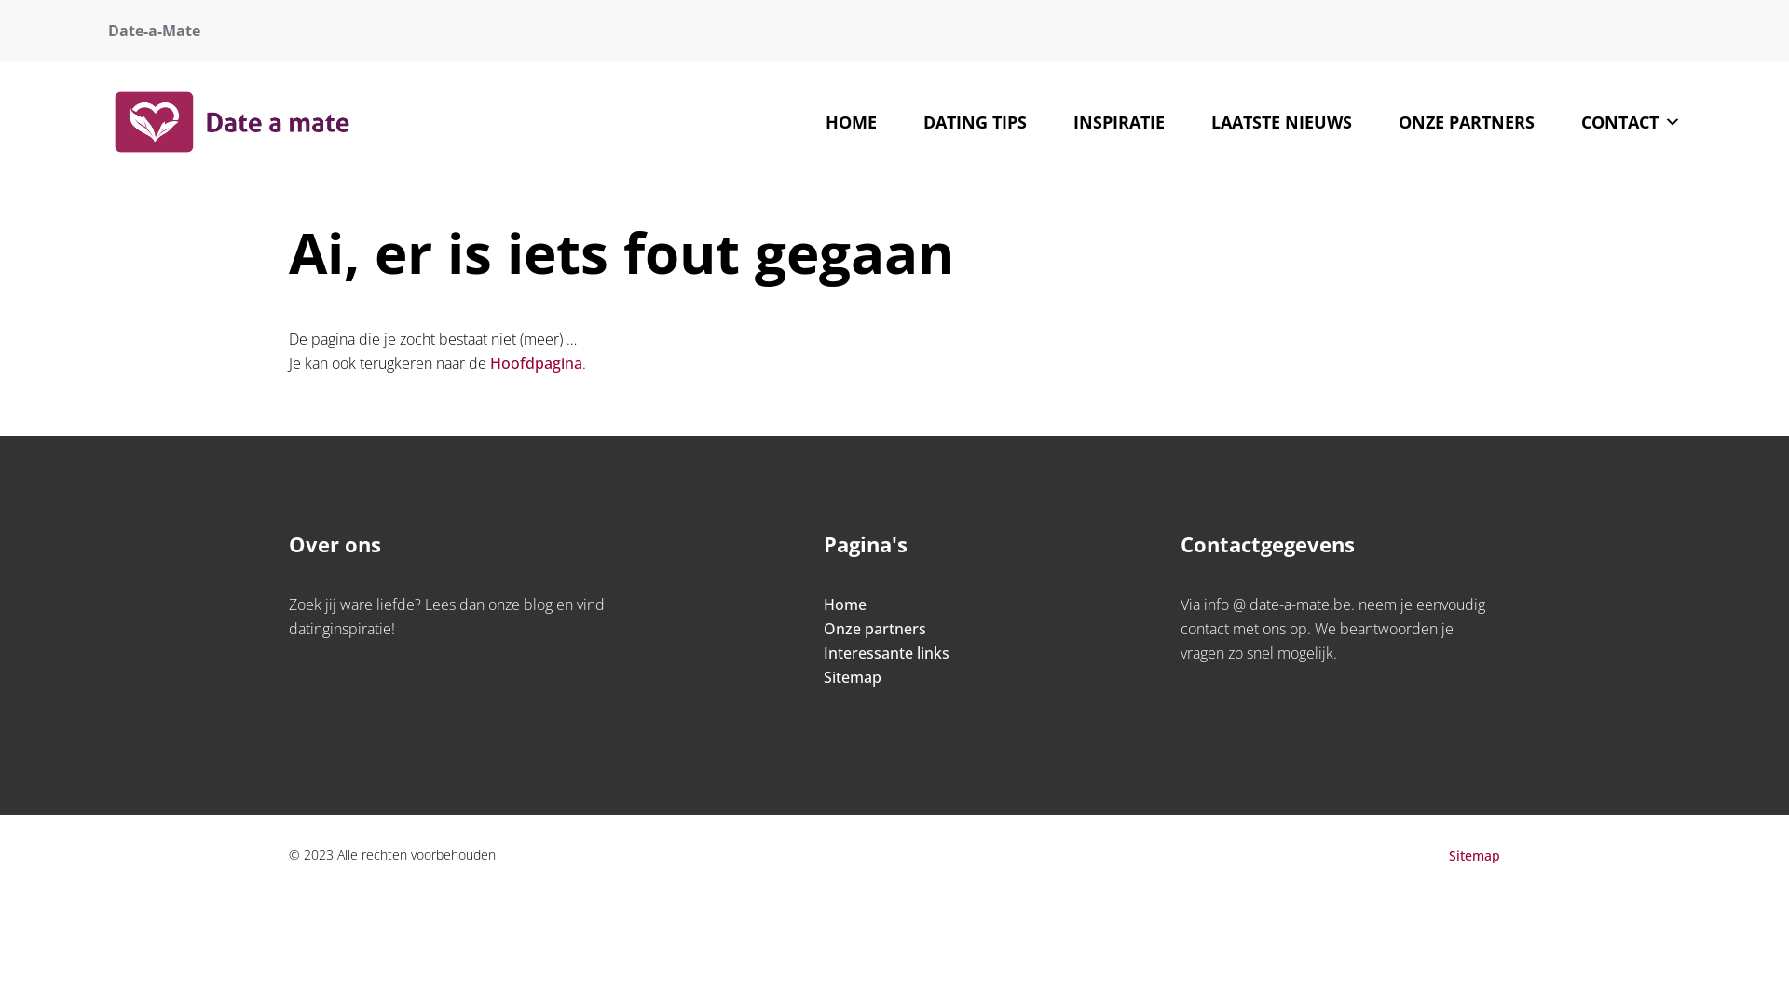 This screenshot has width=1789, height=1006. I want to click on 'CONTACT', so click(1557, 122).